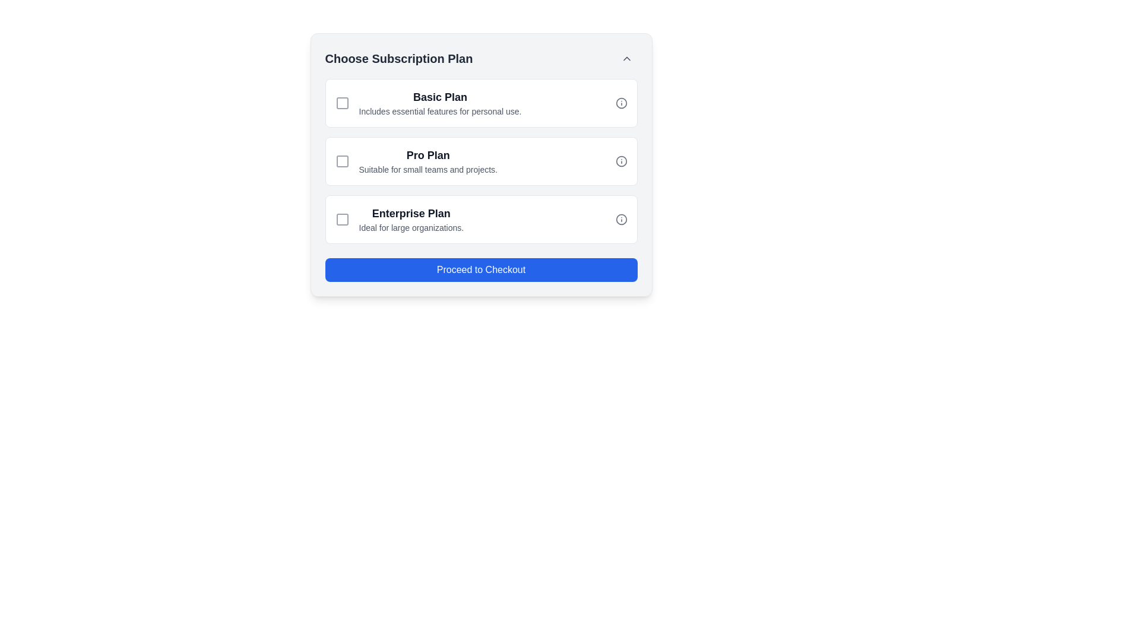  Describe the element at coordinates (481, 270) in the screenshot. I see `the rectangular button with a blue background and white text that says 'Proceed to Checkout'` at that location.